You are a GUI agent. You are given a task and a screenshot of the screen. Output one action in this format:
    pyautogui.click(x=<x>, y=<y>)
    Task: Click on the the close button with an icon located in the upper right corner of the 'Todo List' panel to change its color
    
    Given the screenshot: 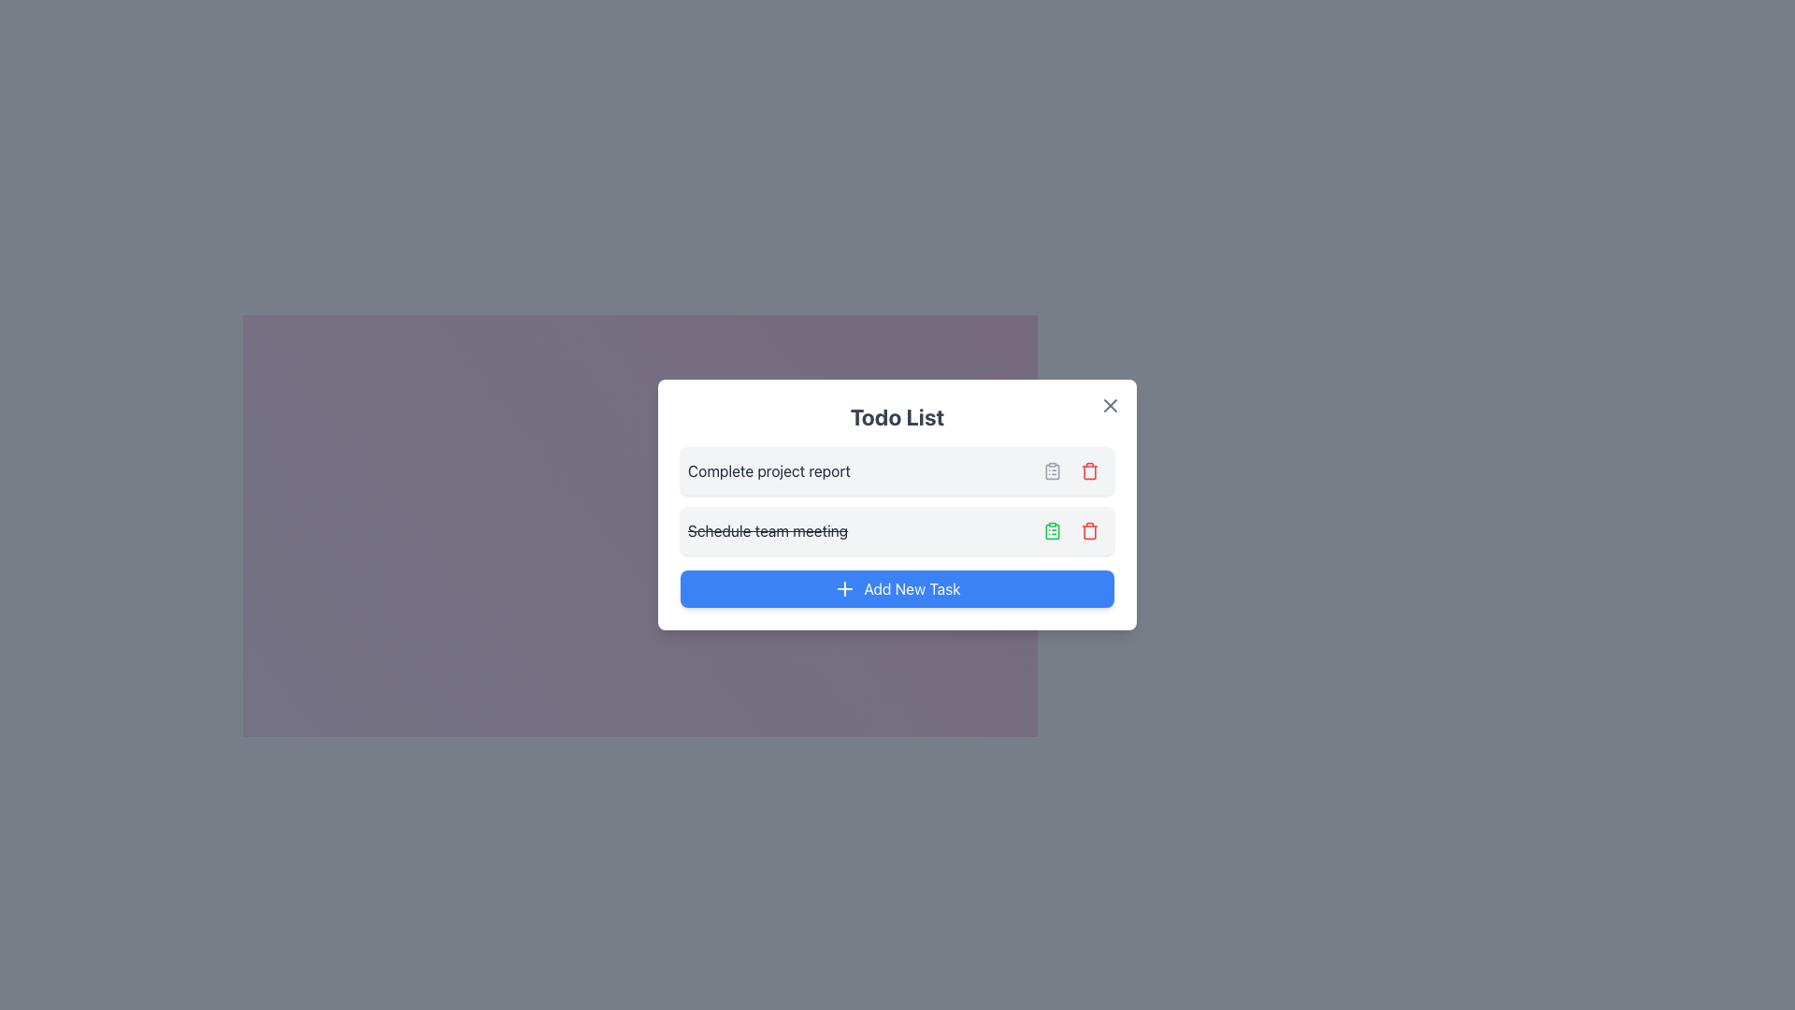 What is the action you would take?
    pyautogui.click(x=1111, y=405)
    